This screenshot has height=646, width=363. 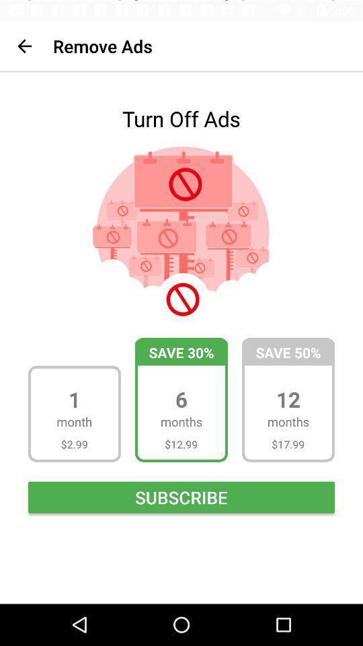 What do you see at coordinates (182, 496) in the screenshot?
I see `item below $2.99 icon` at bounding box center [182, 496].